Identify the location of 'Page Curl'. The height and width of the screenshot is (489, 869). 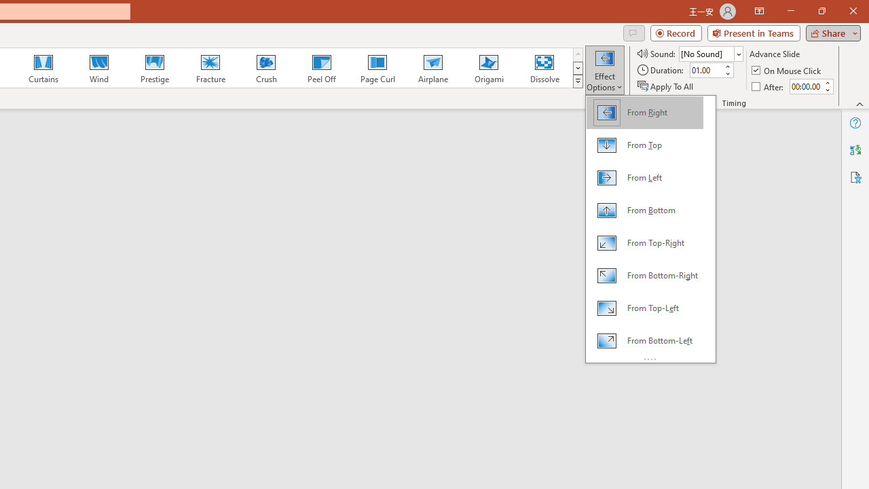
(377, 68).